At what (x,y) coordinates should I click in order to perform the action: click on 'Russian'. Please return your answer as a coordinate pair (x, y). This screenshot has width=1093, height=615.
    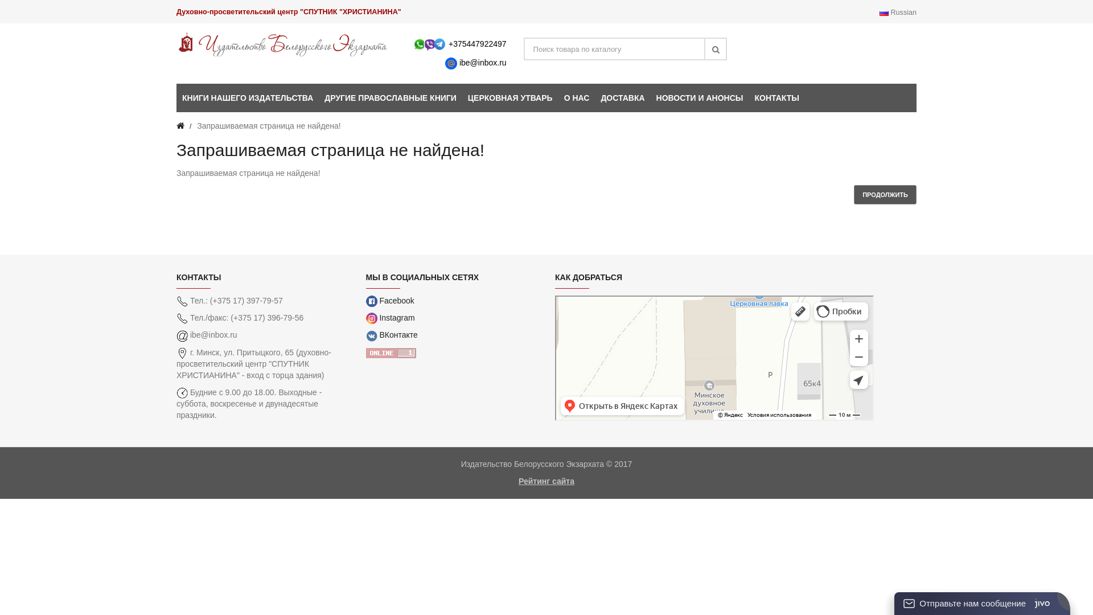
    Looking at the image, I should click on (884, 13).